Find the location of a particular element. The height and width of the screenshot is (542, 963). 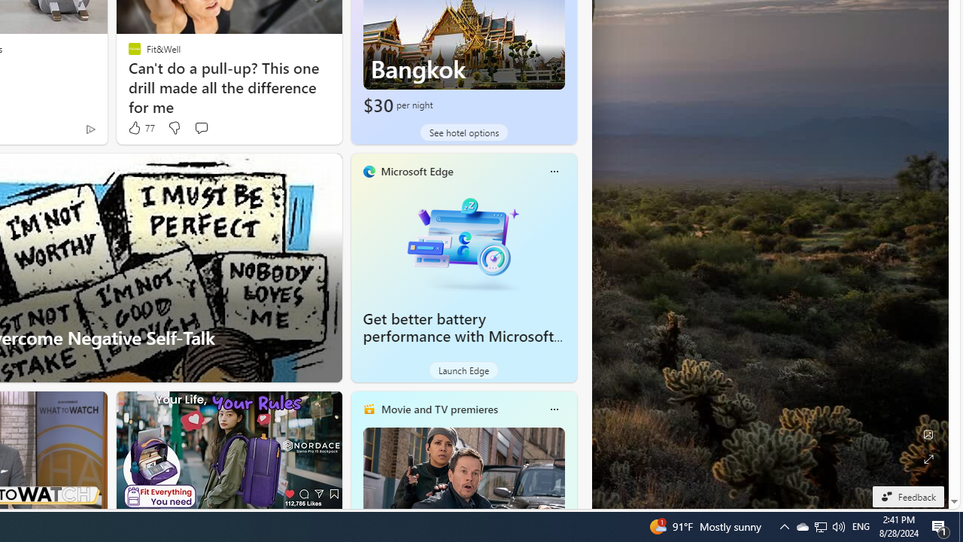

'Microsoft Edge' is located at coordinates (417, 170).